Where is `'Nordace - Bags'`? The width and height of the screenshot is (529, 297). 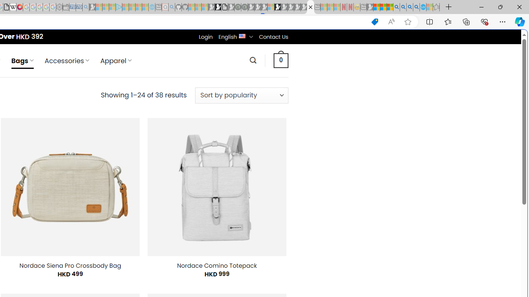
'Nordace - Bags' is located at coordinates (310, 7).